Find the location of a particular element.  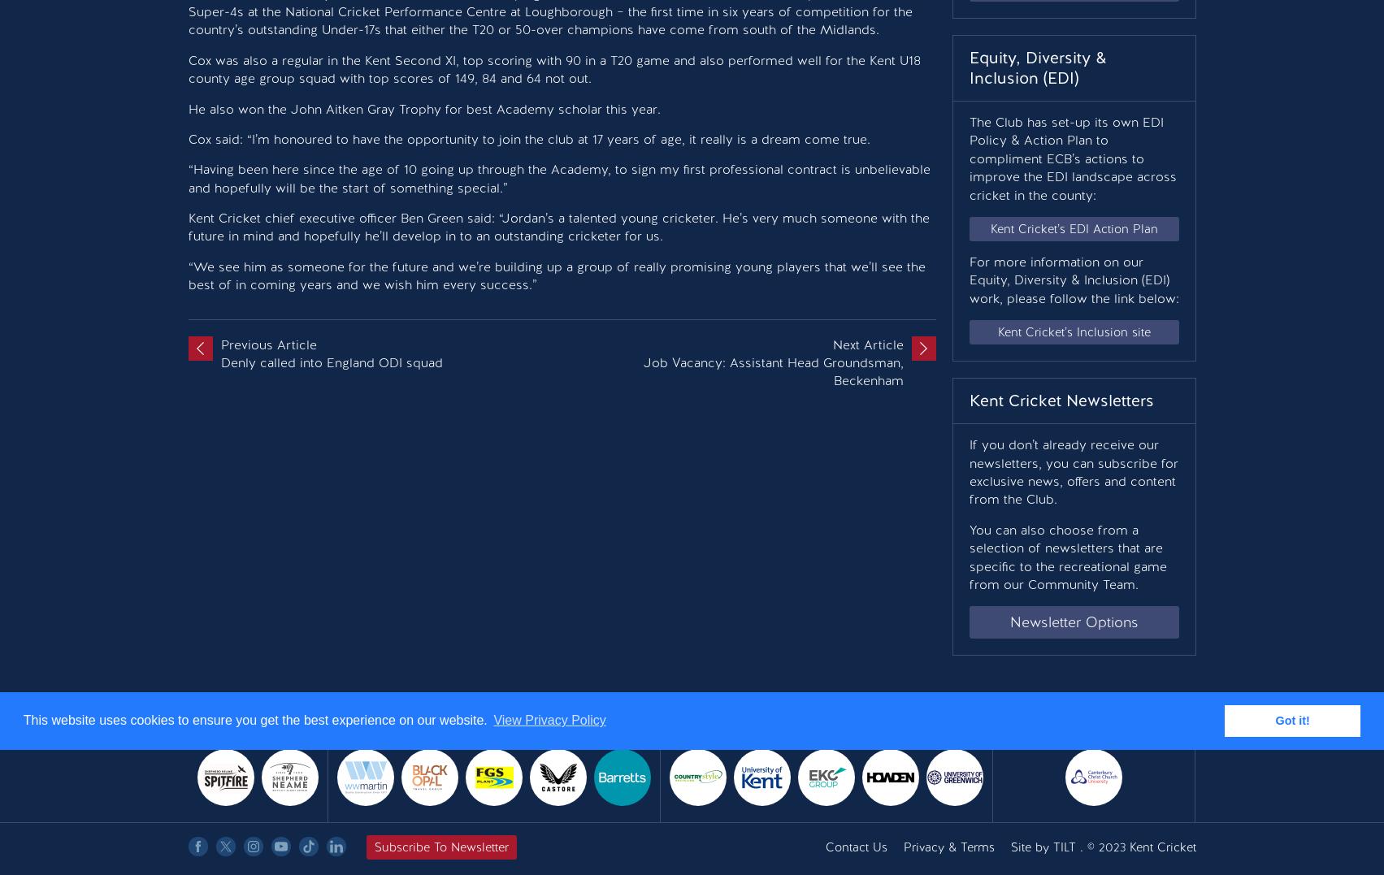

'Subscribe To Newsletter' is located at coordinates (373, 847).